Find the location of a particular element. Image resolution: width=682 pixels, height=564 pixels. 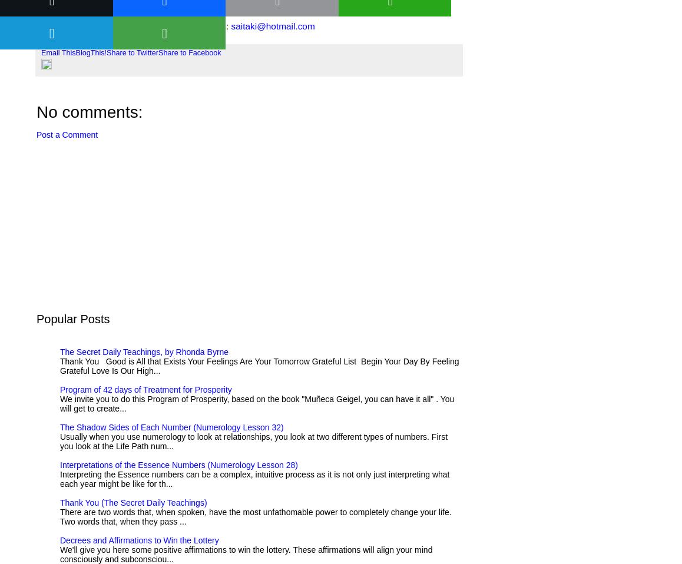

'Program of 42 days of Treatment for Prosperity' is located at coordinates (145, 389).